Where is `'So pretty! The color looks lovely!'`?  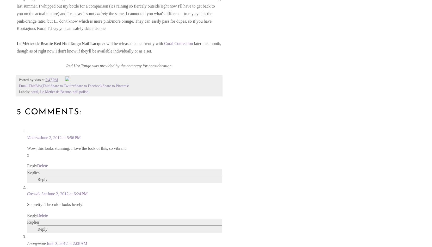 'So pretty! The color looks lovely!' is located at coordinates (55, 204).